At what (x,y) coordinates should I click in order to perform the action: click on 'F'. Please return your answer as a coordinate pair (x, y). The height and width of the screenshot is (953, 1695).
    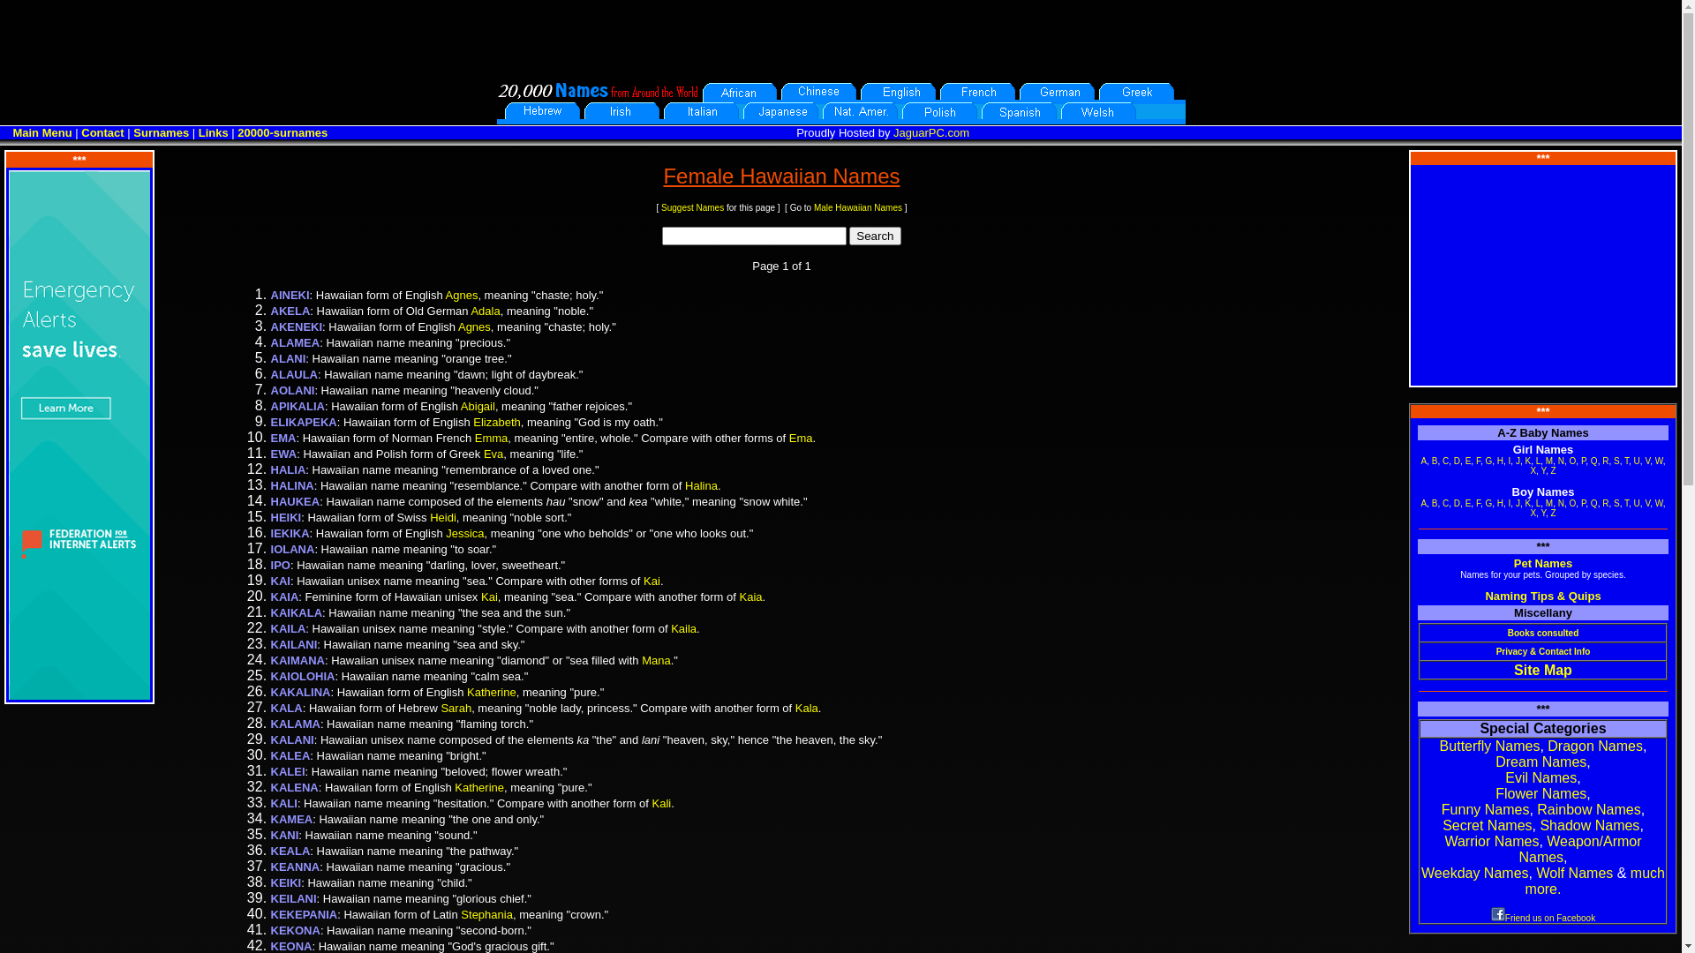
    Looking at the image, I should click on (1478, 503).